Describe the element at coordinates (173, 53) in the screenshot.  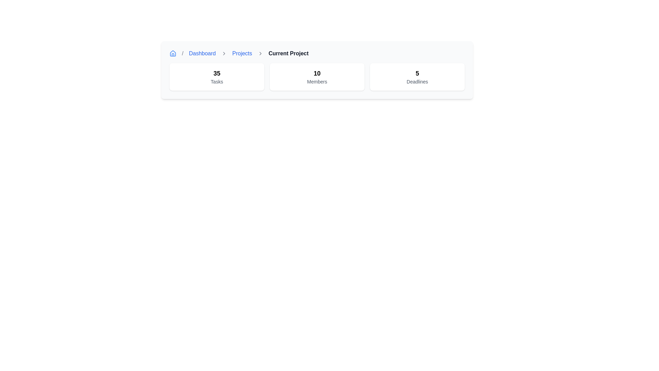
I see `the blue house icon located at the far-left part of the breadcrumb navigation bar` at that location.